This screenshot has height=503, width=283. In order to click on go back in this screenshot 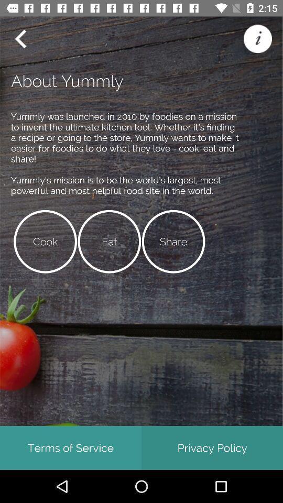, I will do `click(20, 39)`.